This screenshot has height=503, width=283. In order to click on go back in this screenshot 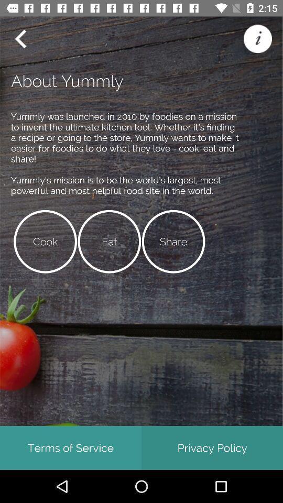, I will do `click(20, 39)`.